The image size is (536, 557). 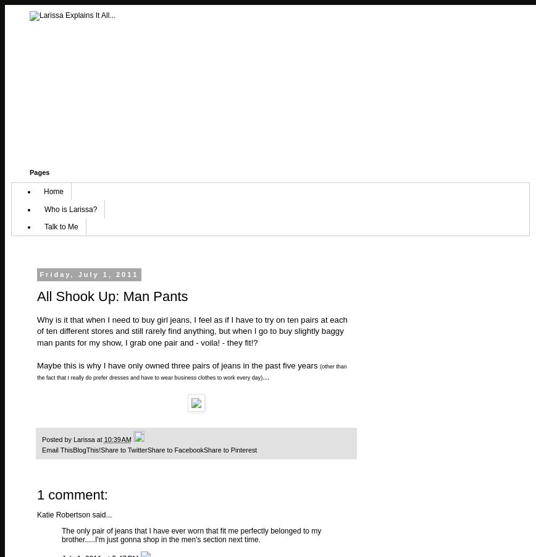 What do you see at coordinates (146, 449) in the screenshot?
I see `'Share to Facebook'` at bounding box center [146, 449].